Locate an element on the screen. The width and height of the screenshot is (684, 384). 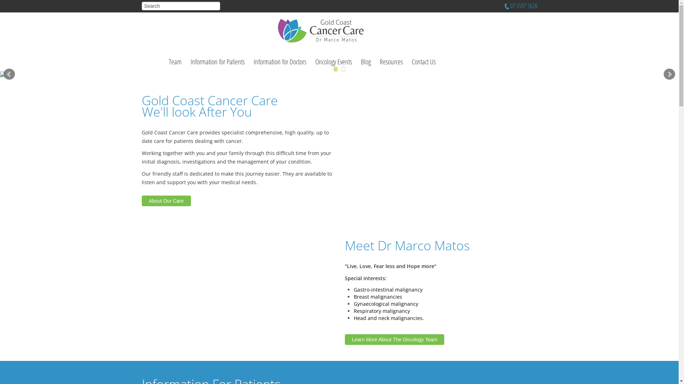
'Information for Doctors' is located at coordinates (280, 61).